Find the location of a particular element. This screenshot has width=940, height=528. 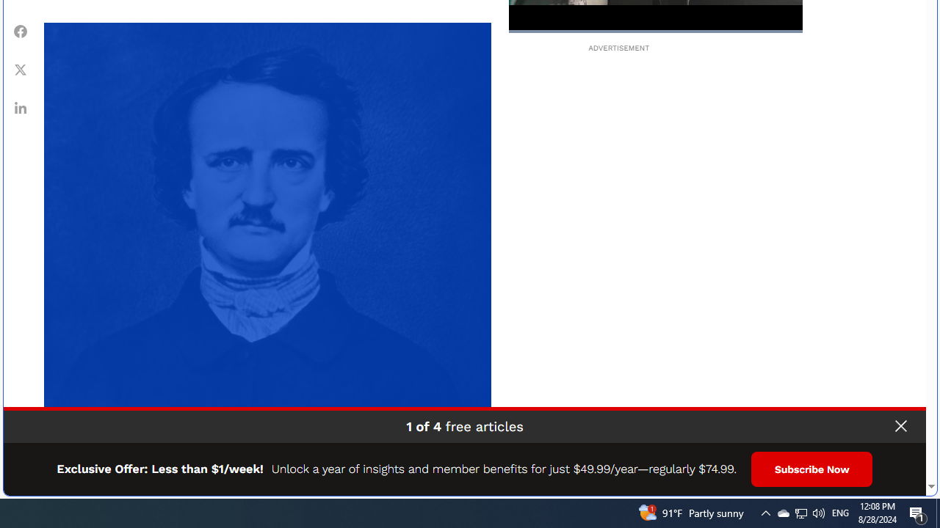

'Class: fs-icon fs-icon--Facebook' is located at coordinates (21, 31).